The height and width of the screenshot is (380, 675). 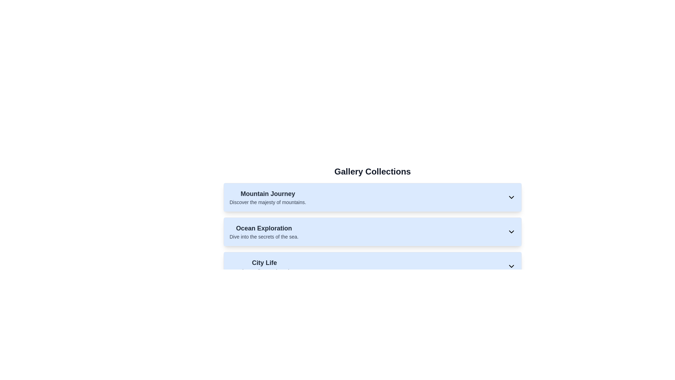 What do you see at coordinates (372, 266) in the screenshot?
I see `the 'City Life' interactive list item` at bounding box center [372, 266].